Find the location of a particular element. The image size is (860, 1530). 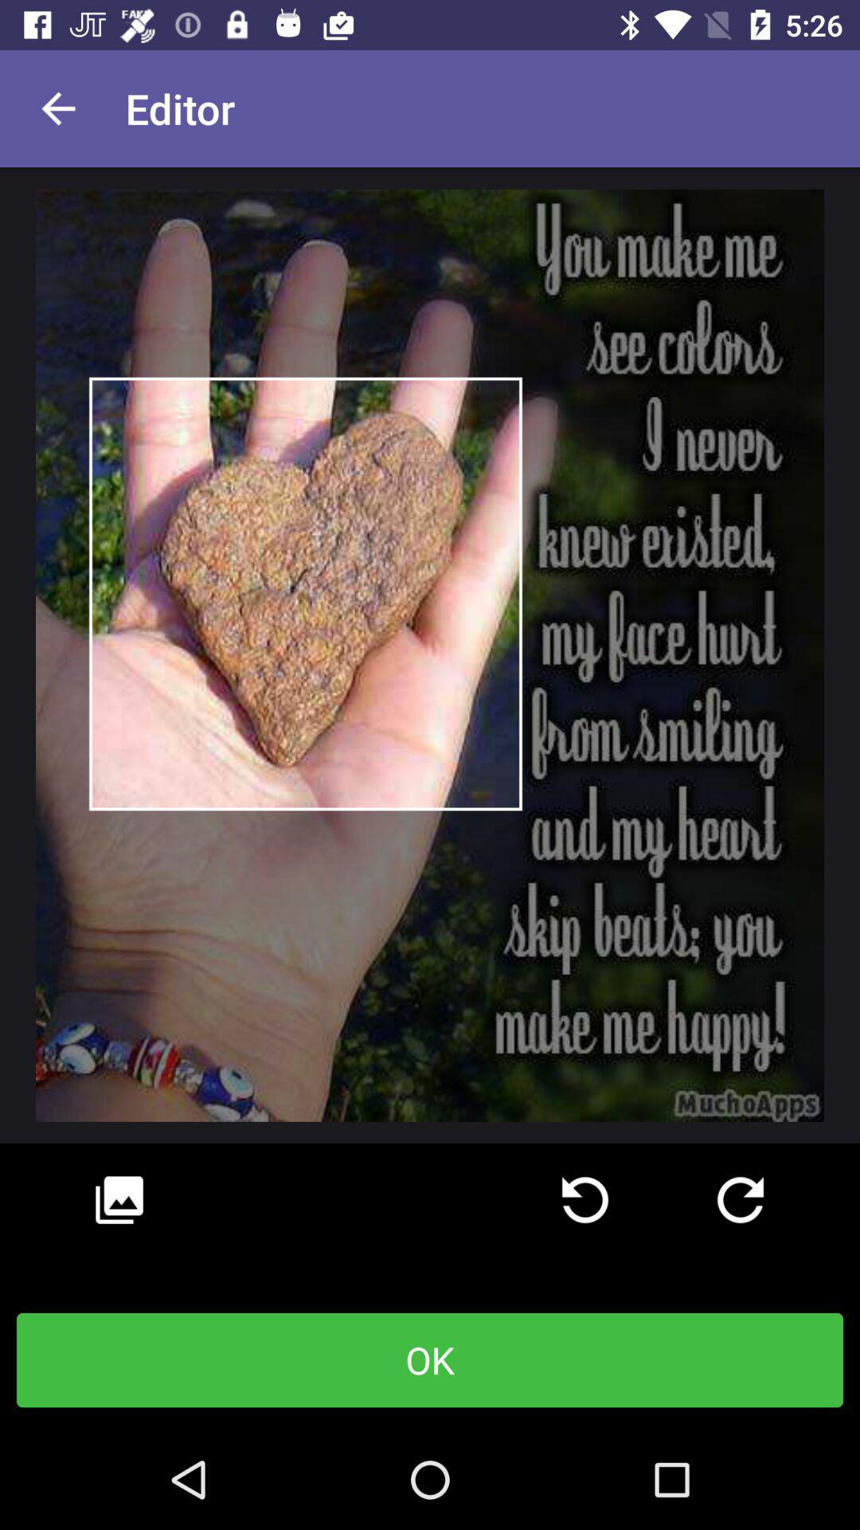

rotate to left is located at coordinates (585, 1200).